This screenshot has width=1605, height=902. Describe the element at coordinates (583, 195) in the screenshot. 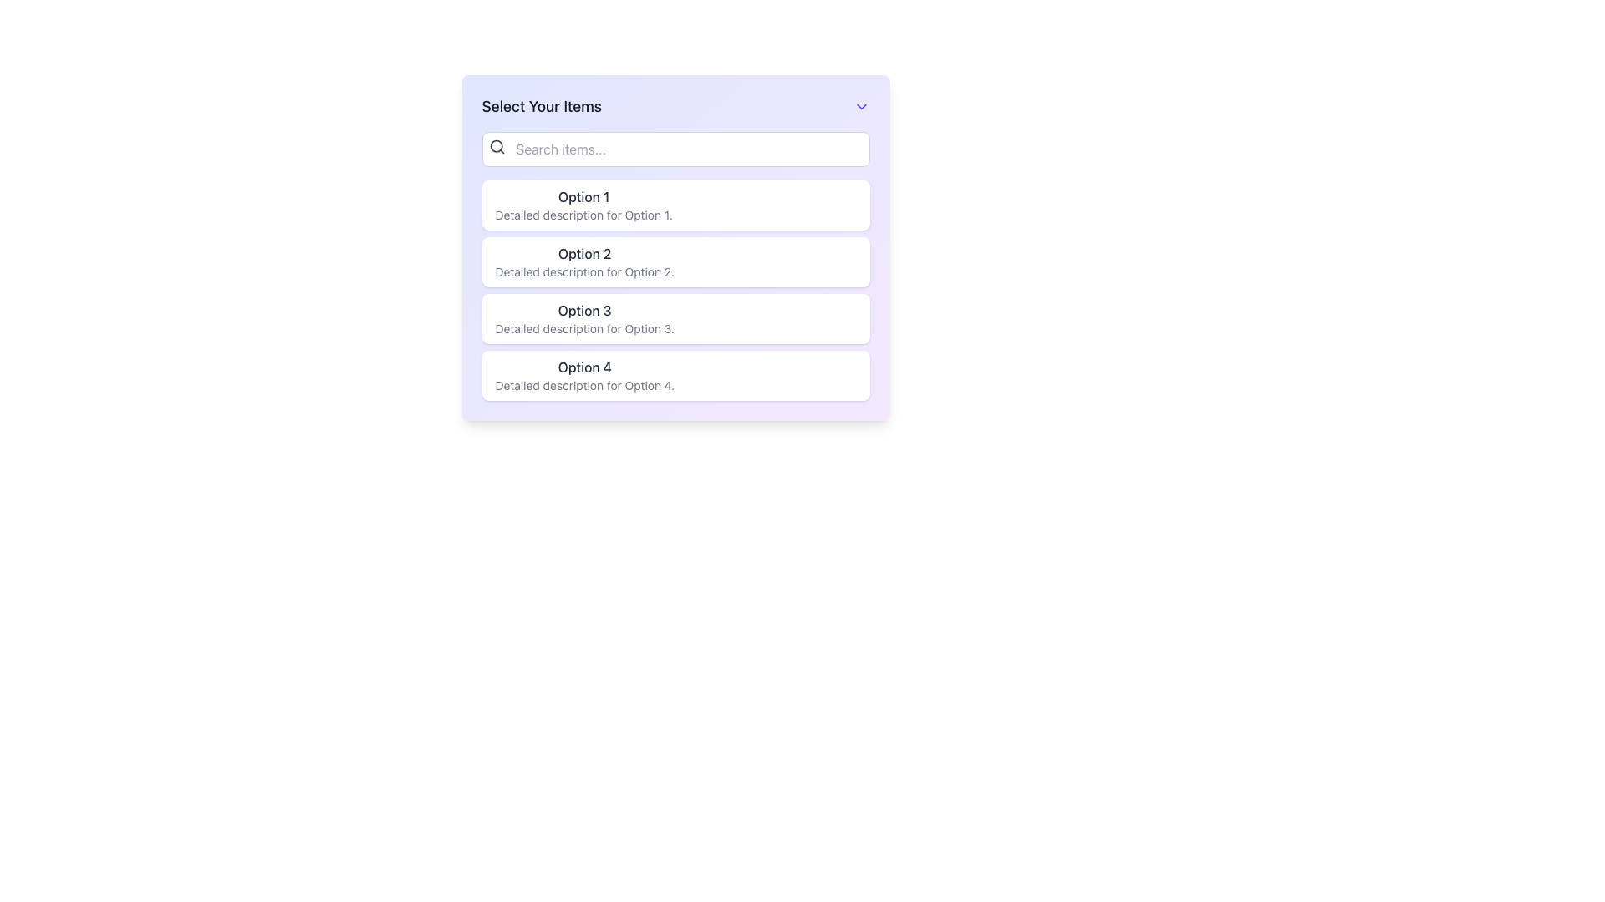

I see `the Text Label displaying 'Option 1' that is prominently styled in dark gray, located at the top of the list under the heading 'Select Your Items'` at that location.